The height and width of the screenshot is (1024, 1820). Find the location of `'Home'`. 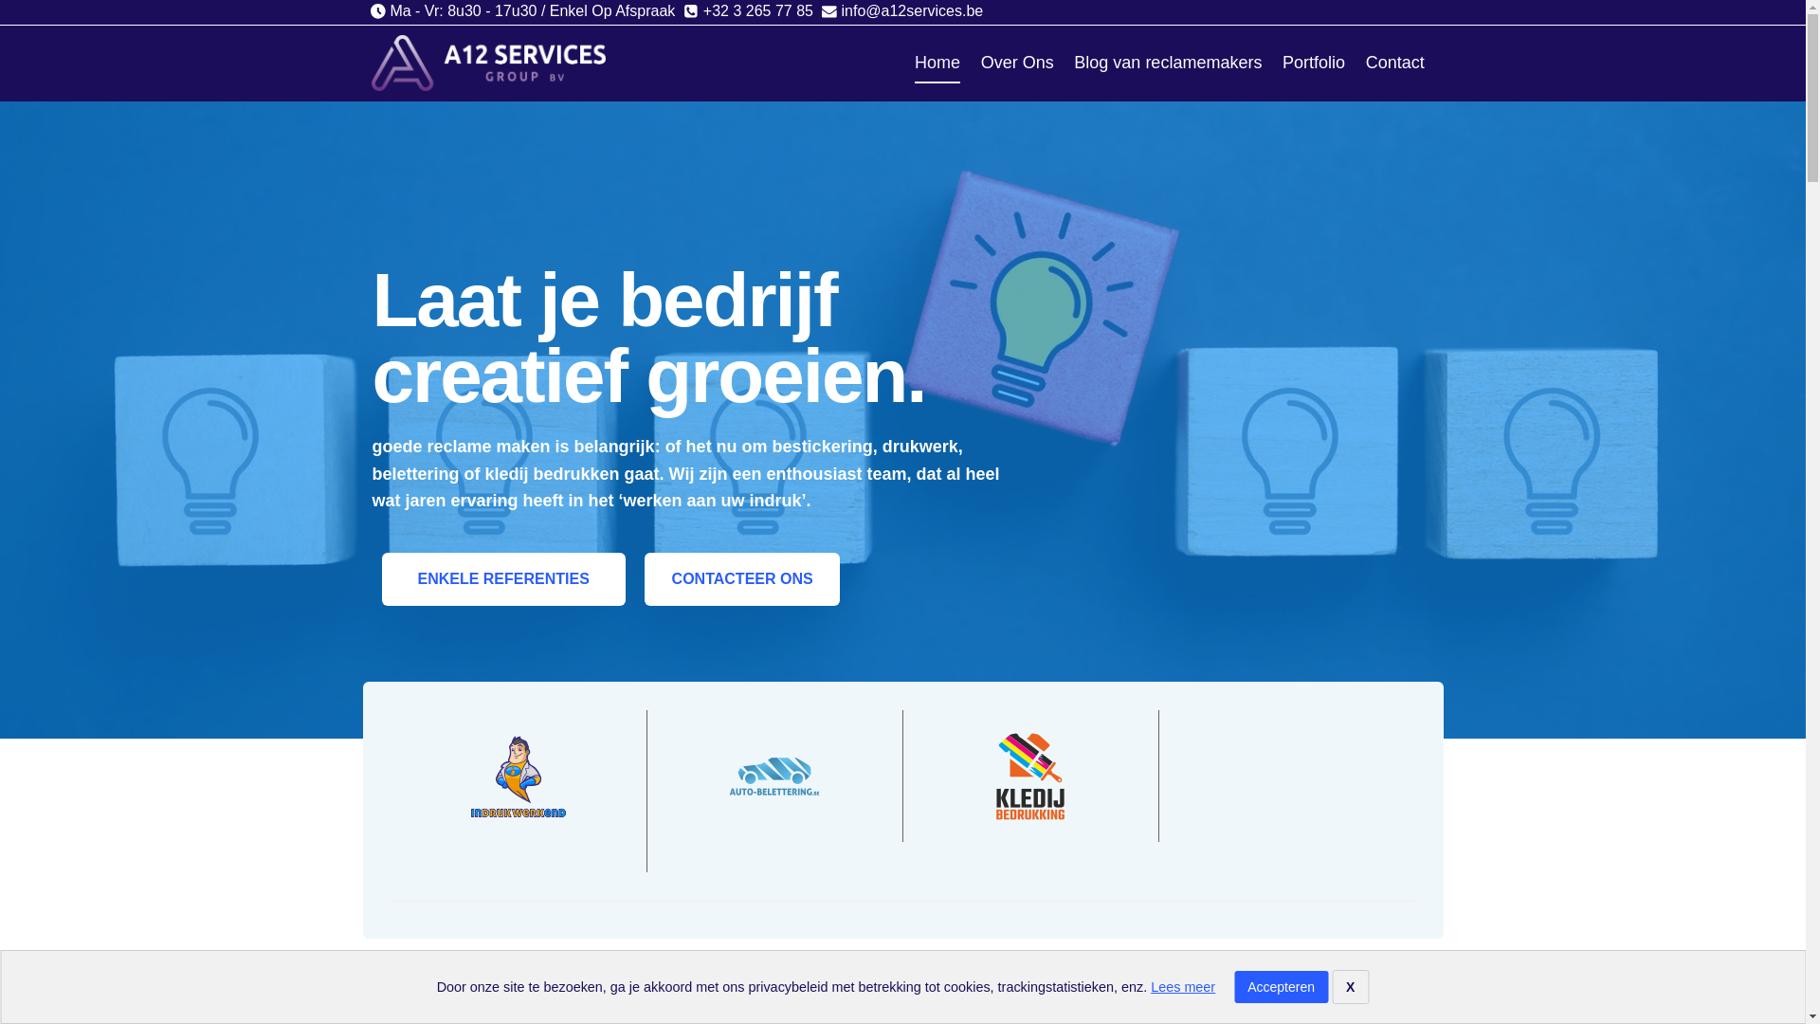

'Home' is located at coordinates (937, 62).